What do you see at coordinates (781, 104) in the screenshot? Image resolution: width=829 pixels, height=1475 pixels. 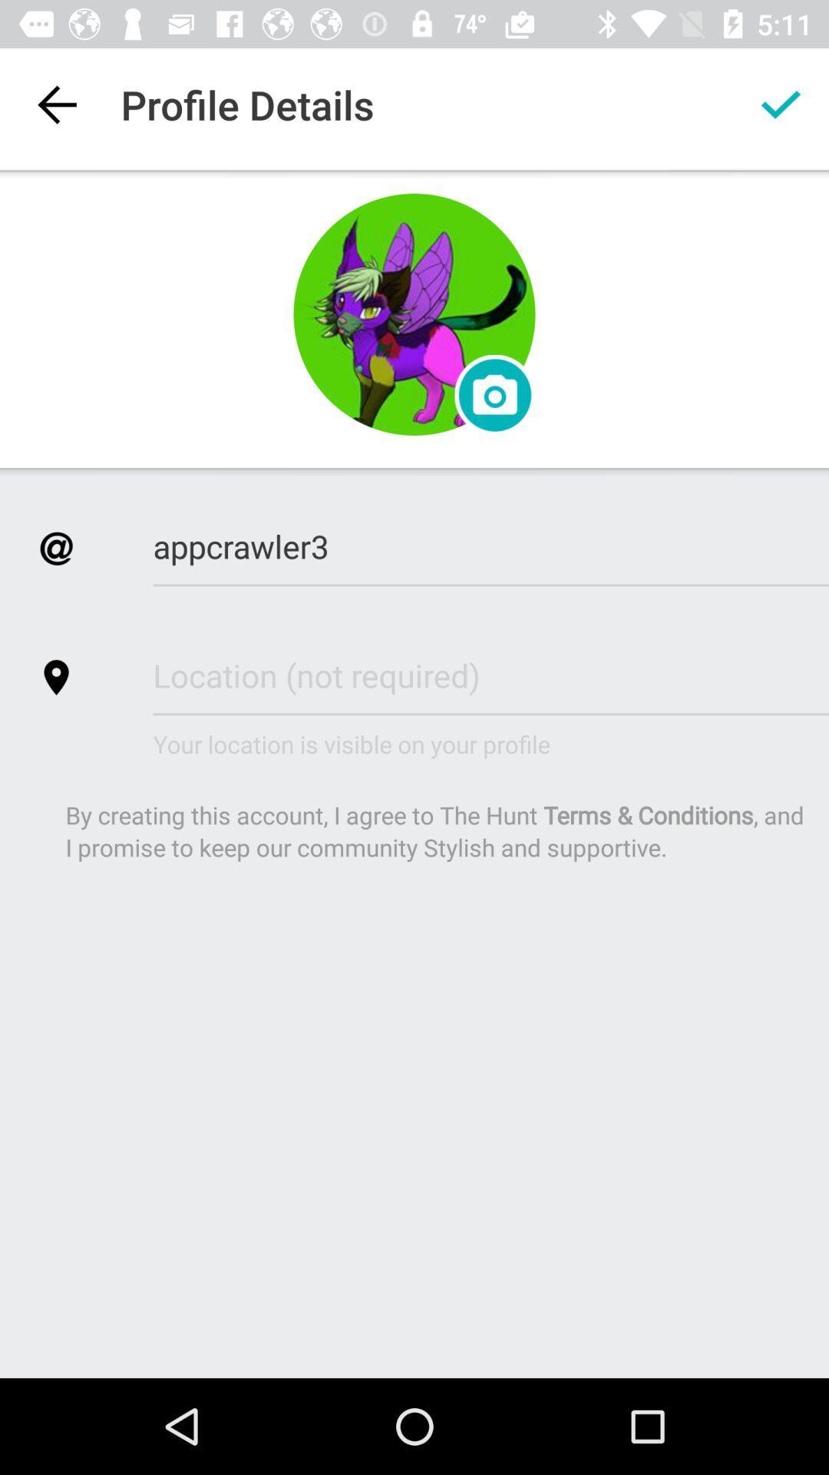 I see `profile data` at bounding box center [781, 104].